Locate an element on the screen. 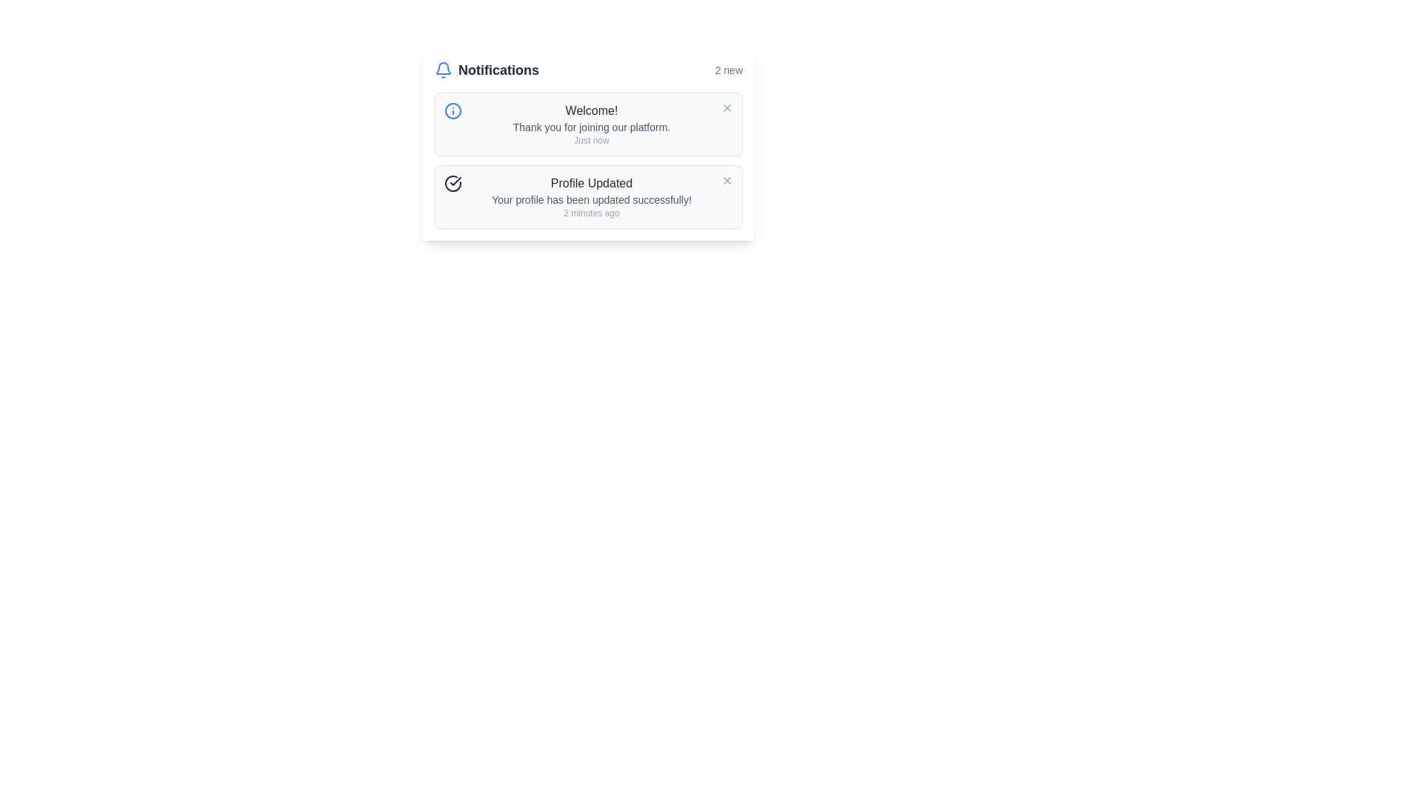 The height and width of the screenshot is (800, 1422). the close button located at the top-right corner of the 'Welcome!' notification card is located at coordinates (727, 107).